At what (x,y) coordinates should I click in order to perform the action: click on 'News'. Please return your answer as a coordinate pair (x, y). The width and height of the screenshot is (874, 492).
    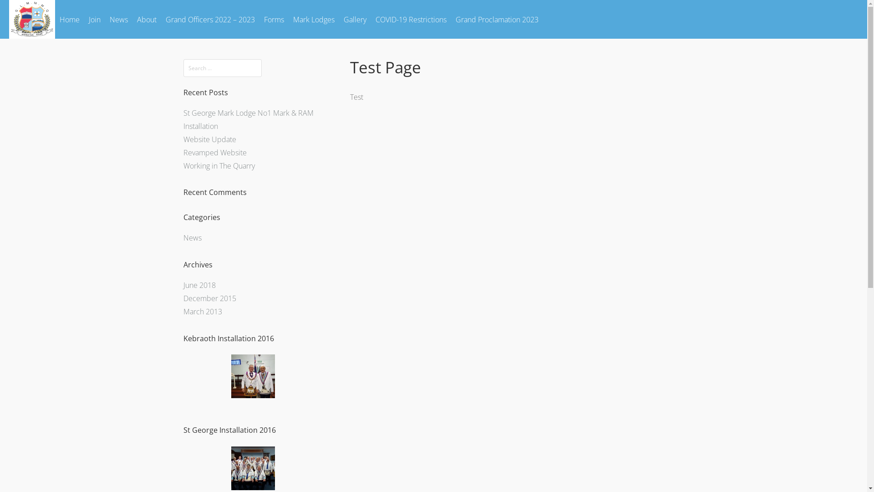
    Looking at the image, I should click on (192, 237).